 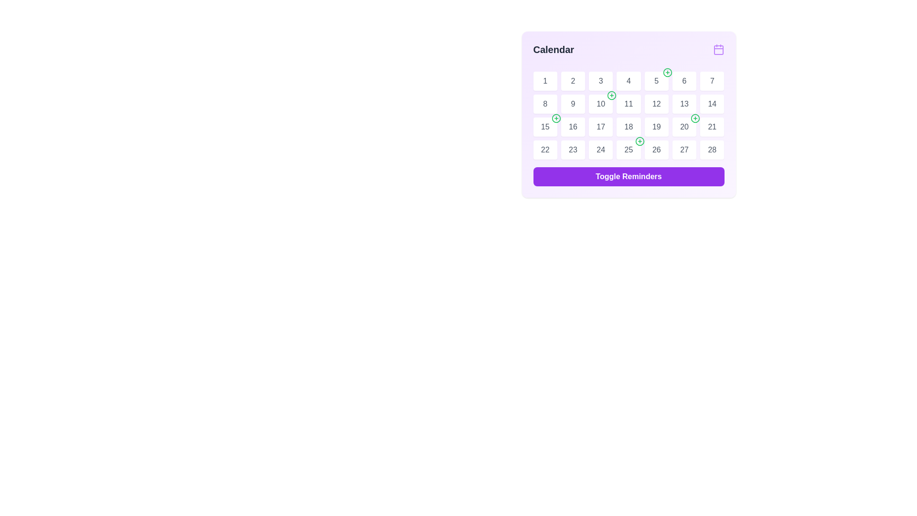 What do you see at coordinates (573, 104) in the screenshot?
I see `the date cell displaying '9' on the calendar interface to show a context menu` at bounding box center [573, 104].